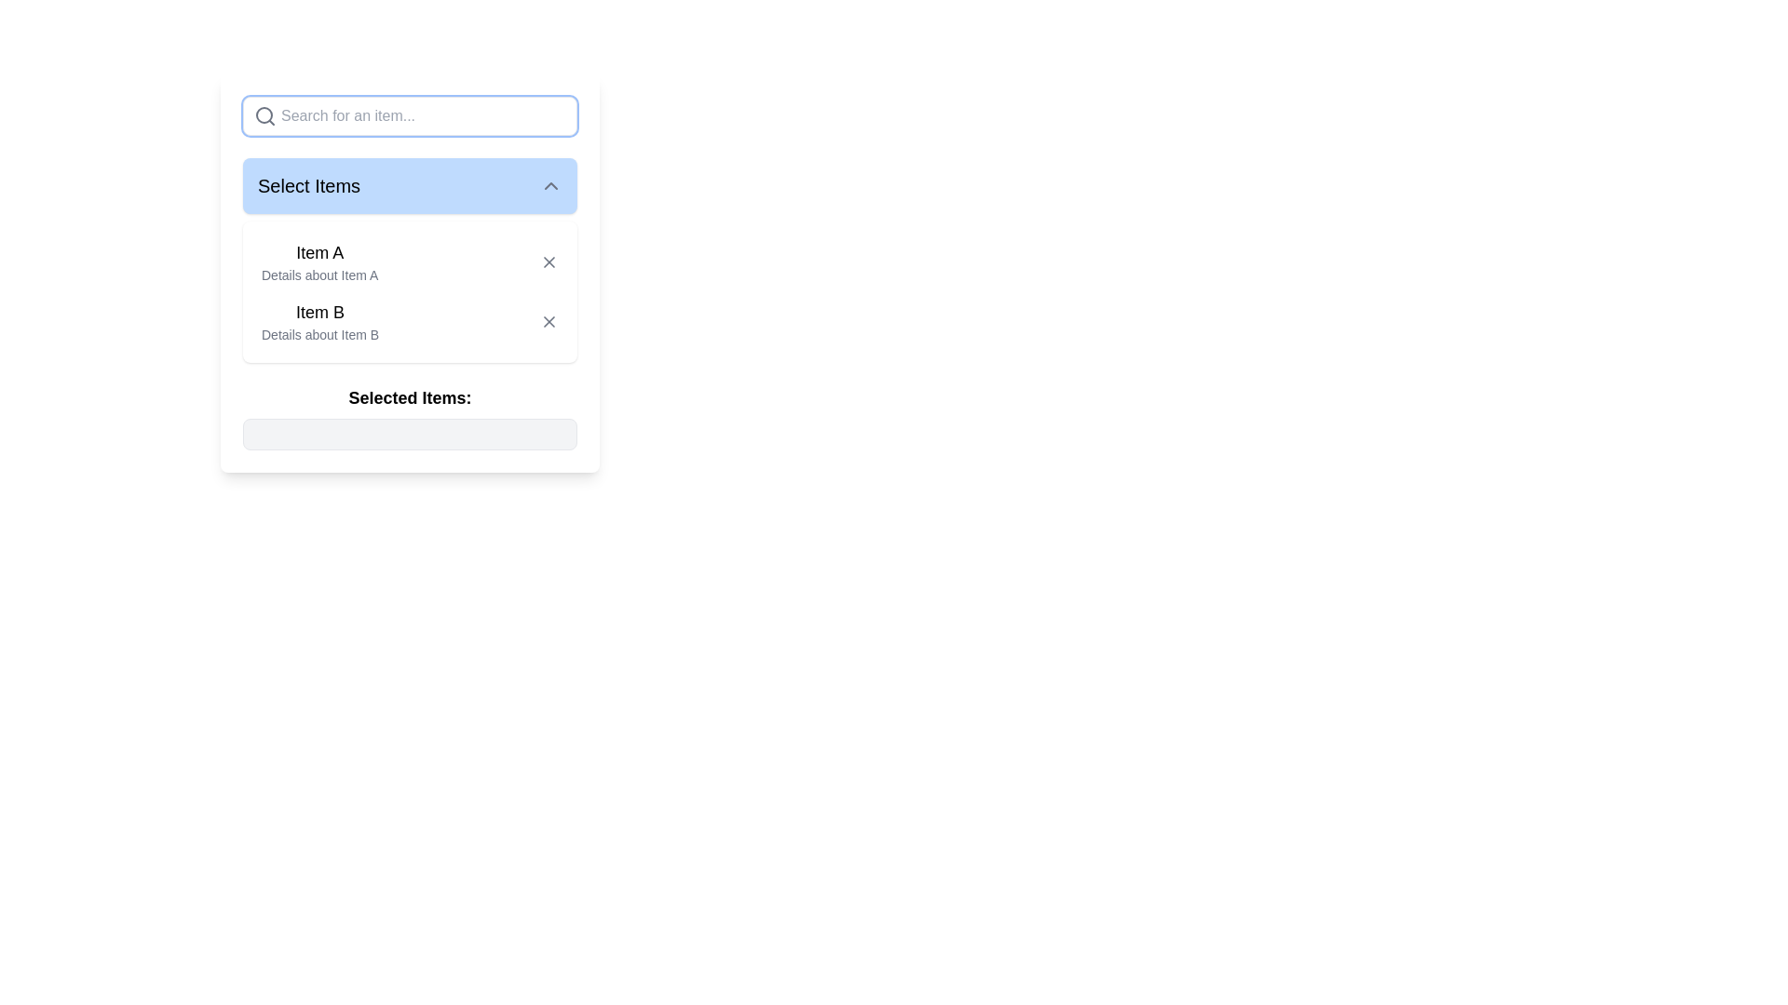 The image size is (1788, 1005). I want to click on details of 'Item A' in the 'Select Items' dropdown list, which is the first list item and contains an action button for removal, so click(409, 261).